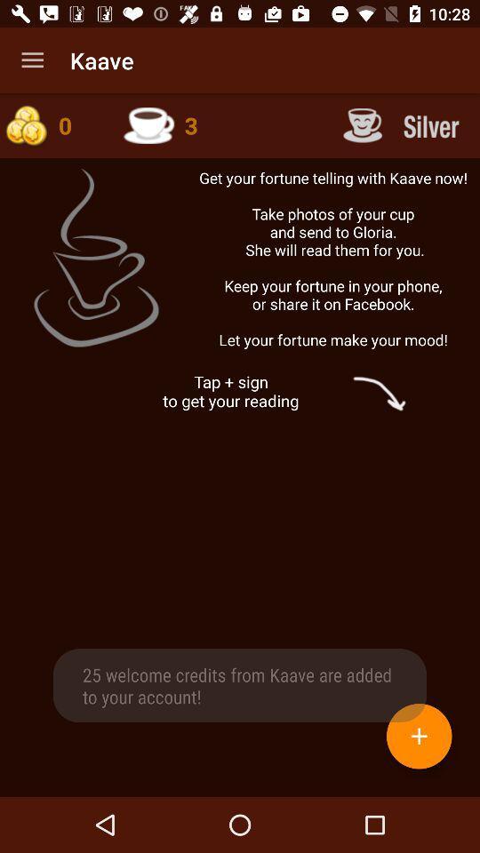 The height and width of the screenshot is (853, 480). What do you see at coordinates (52, 124) in the screenshot?
I see `coin currency` at bounding box center [52, 124].